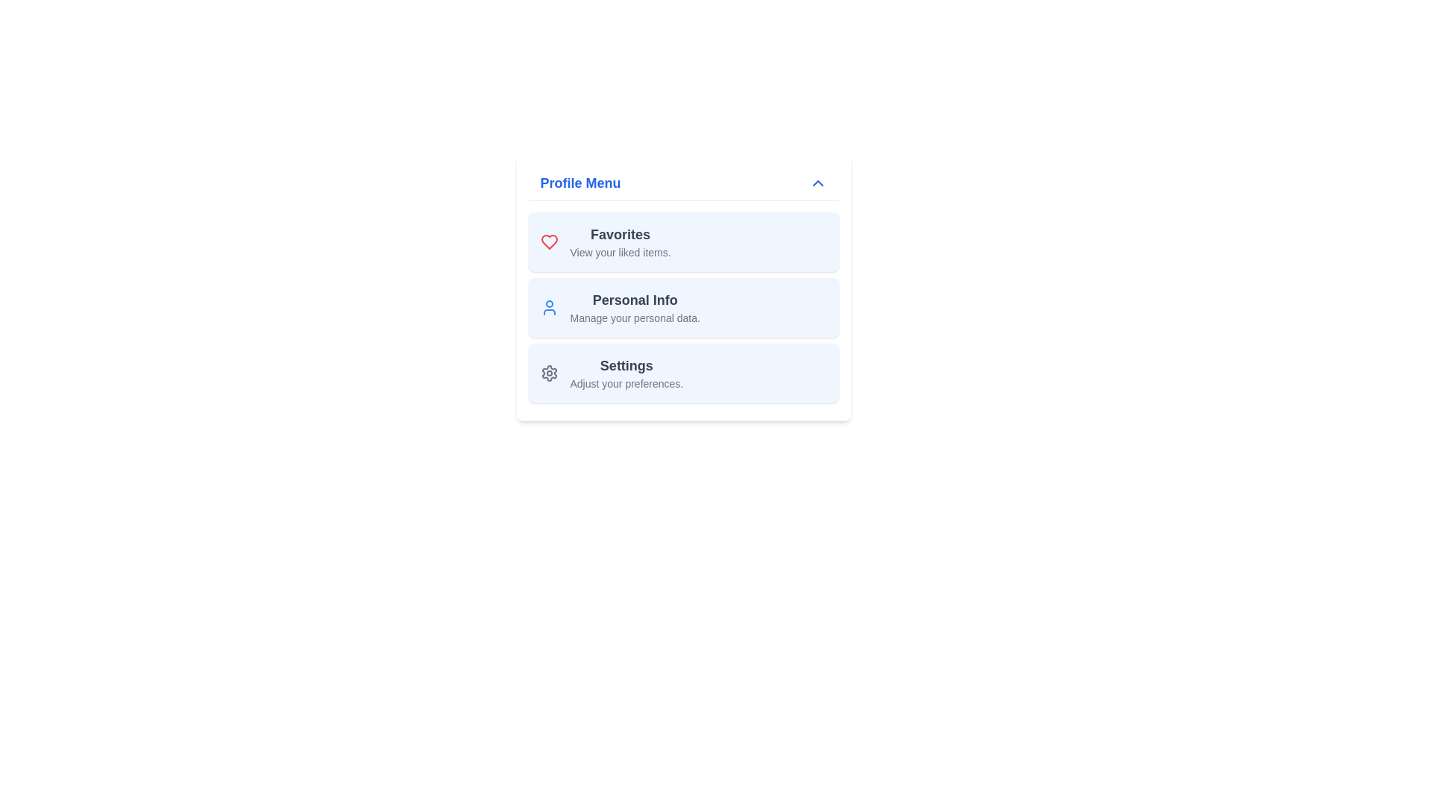 The width and height of the screenshot is (1432, 805). Describe the element at coordinates (626, 365) in the screenshot. I see `the 'Settings' text label in the profile menu, which is the third option and indicates settings-related functionalities` at that location.